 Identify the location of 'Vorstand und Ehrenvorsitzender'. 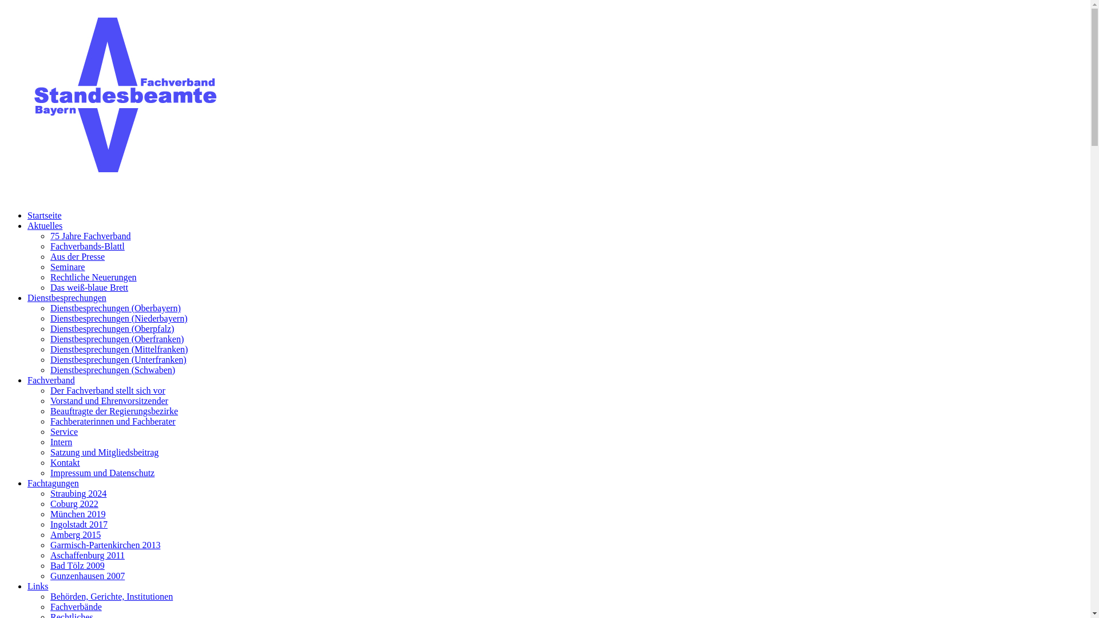
(109, 400).